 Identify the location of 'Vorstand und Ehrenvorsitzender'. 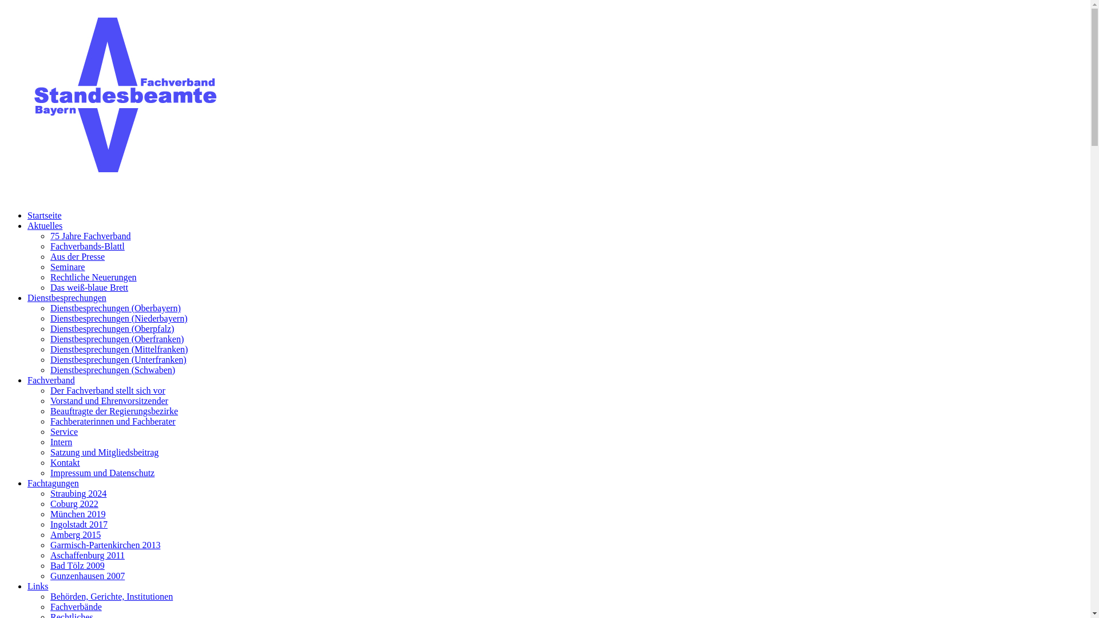
(109, 400).